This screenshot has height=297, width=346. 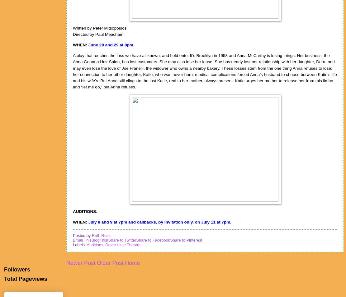 What do you see at coordinates (85, 211) in the screenshot?
I see `'AUDITIONS:'` at bounding box center [85, 211].